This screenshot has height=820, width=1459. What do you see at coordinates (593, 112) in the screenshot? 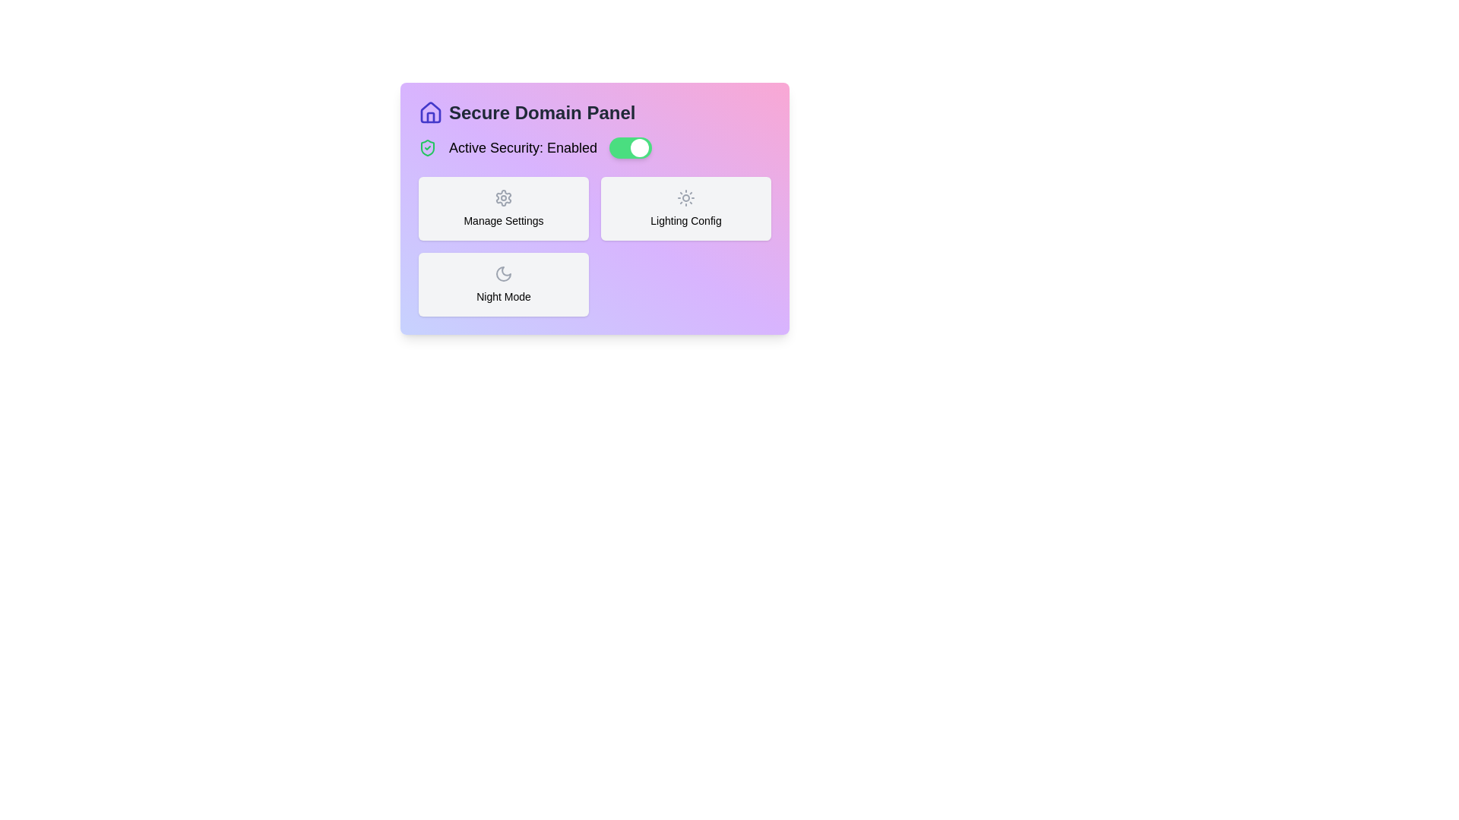
I see `the Text Label that displays the title of the panel, located above the text 'Active Security: Enabled'` at bounding box center [593, 112].